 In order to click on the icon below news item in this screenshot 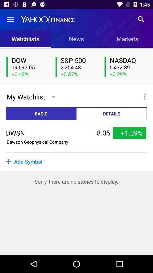, I will do `click(79, 61)`.